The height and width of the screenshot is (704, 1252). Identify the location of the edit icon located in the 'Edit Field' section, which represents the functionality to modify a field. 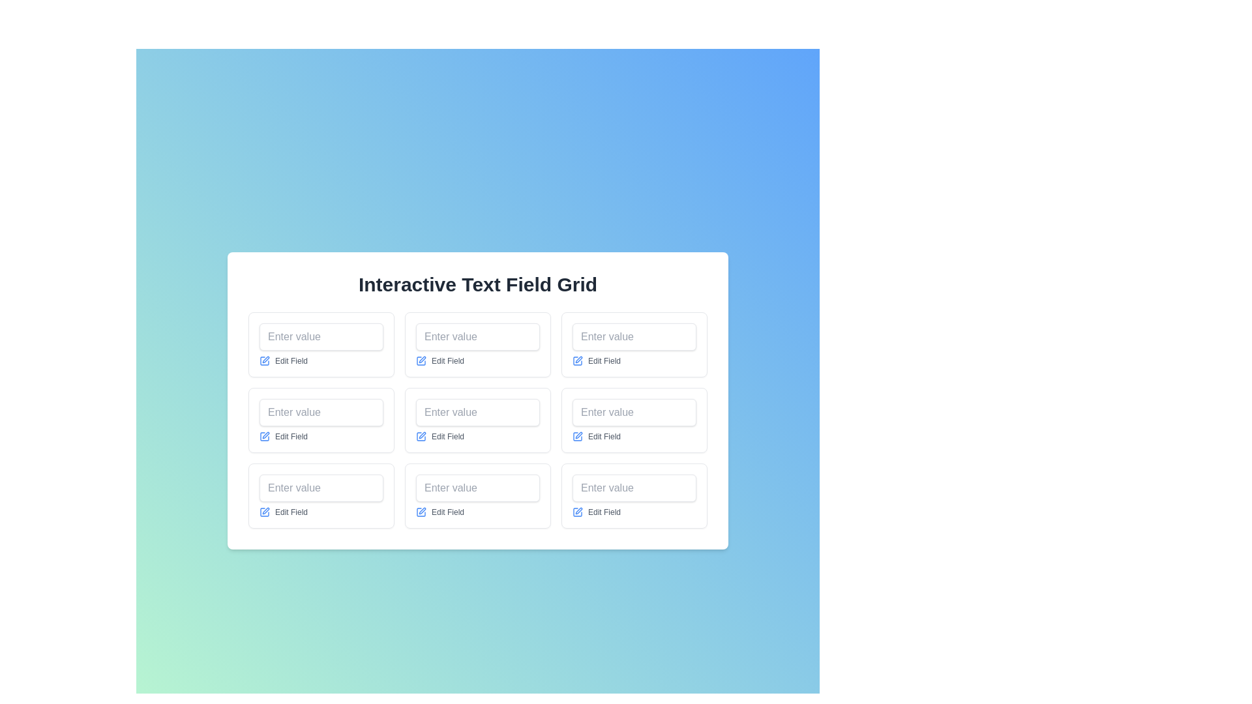
(421, 437).